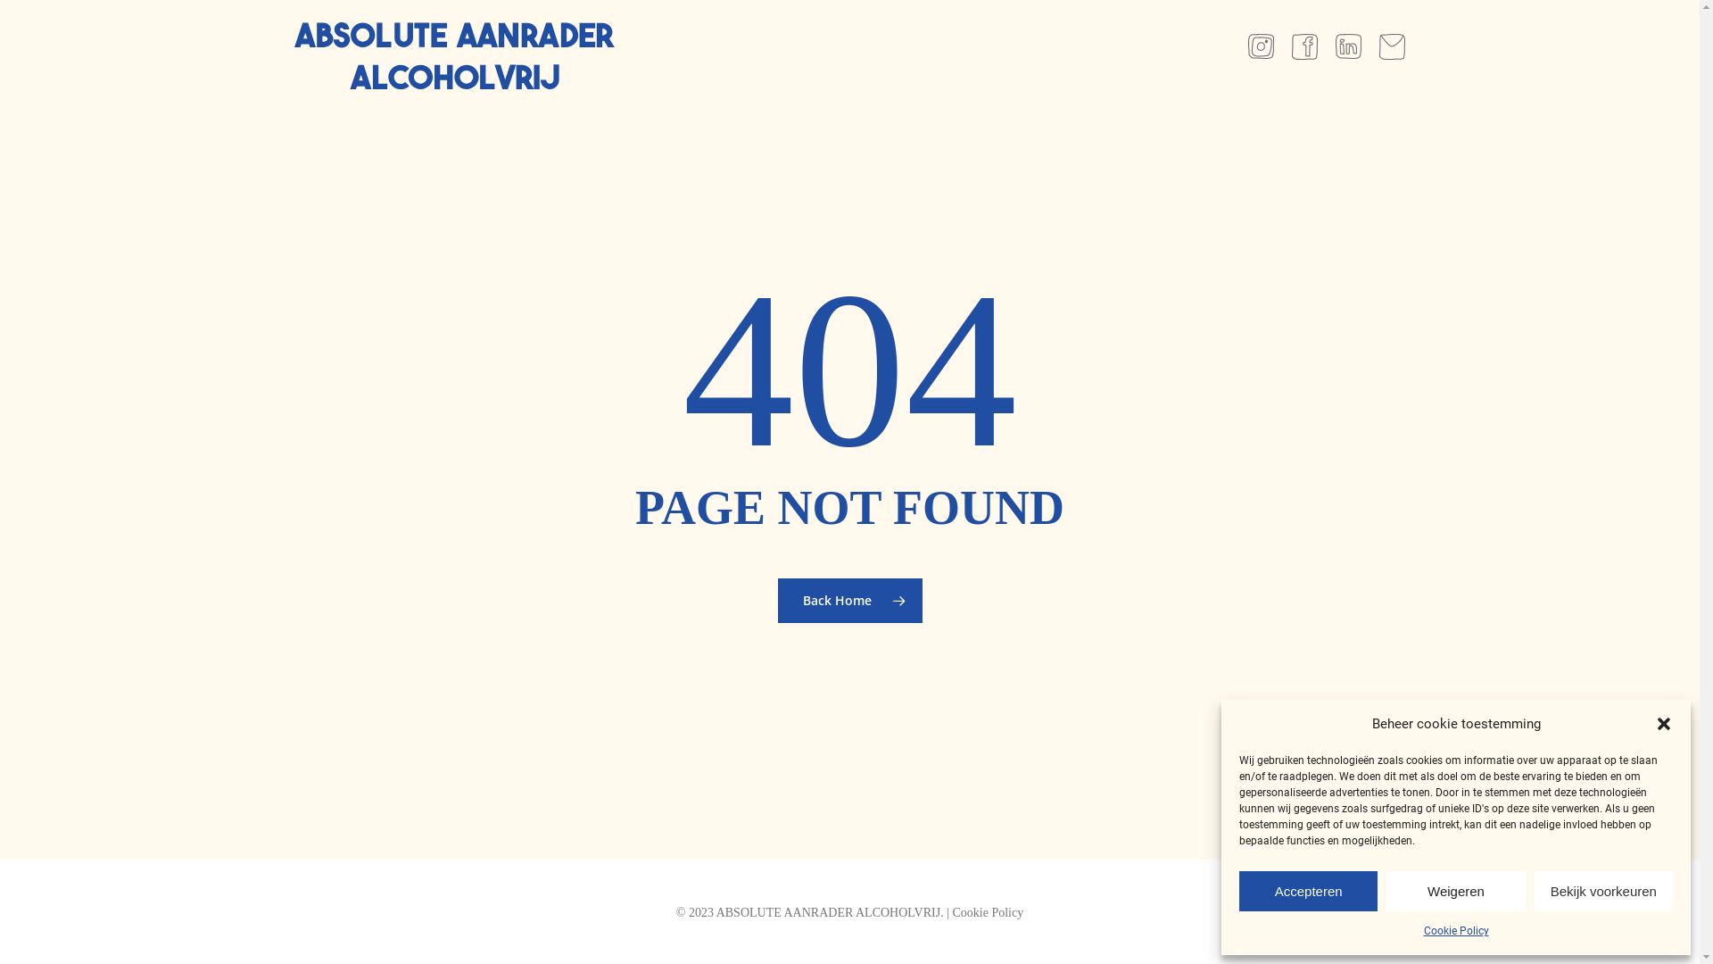 Image resolution: width=1713 pixels, height=964 pixels. Describe the element at coordinates (1533, 891) in the screenshot. I see `'Bekijk voorkeuren'` at that location.